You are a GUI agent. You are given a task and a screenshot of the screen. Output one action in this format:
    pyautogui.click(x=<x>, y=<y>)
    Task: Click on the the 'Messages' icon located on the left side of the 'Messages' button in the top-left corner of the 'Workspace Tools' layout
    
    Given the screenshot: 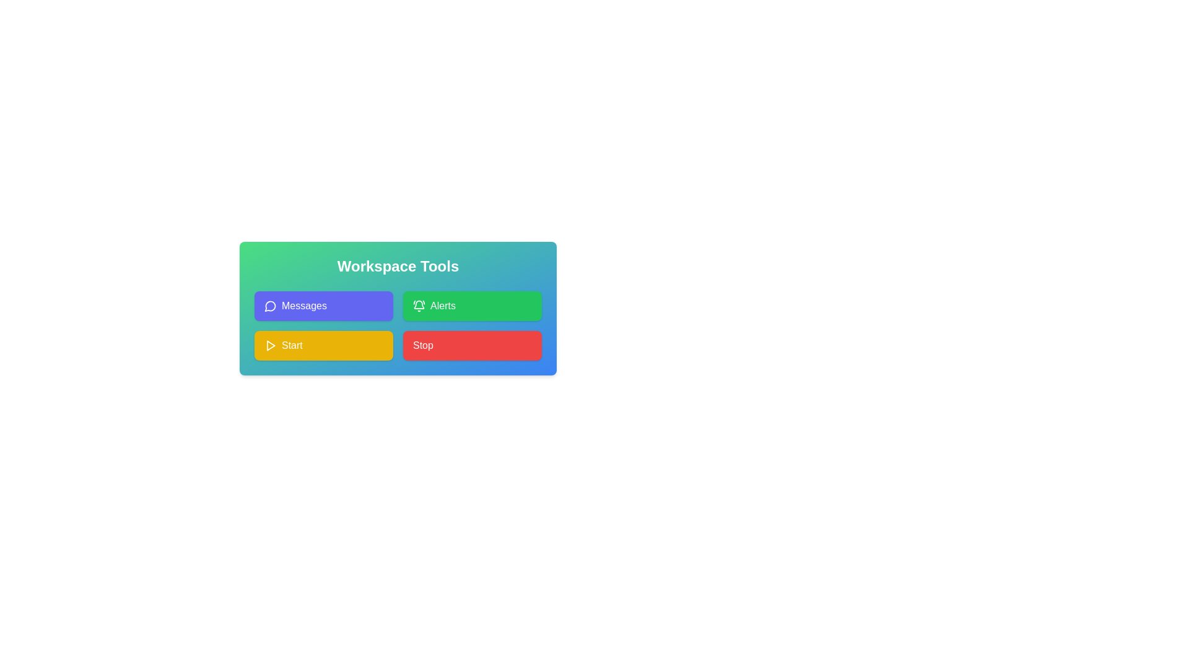 What is the action you would take?
    pyautogui.click(x=269, y=306)
    